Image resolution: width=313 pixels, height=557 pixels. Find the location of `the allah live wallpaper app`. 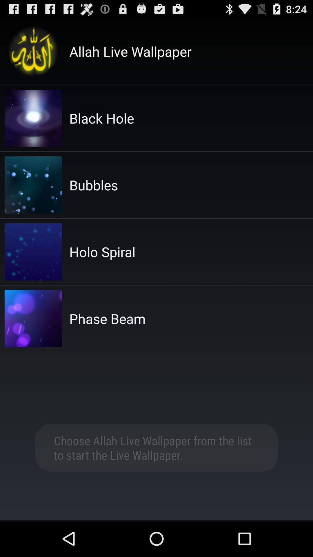

the allah live wallpaper app is located at coordinates (130, 51).